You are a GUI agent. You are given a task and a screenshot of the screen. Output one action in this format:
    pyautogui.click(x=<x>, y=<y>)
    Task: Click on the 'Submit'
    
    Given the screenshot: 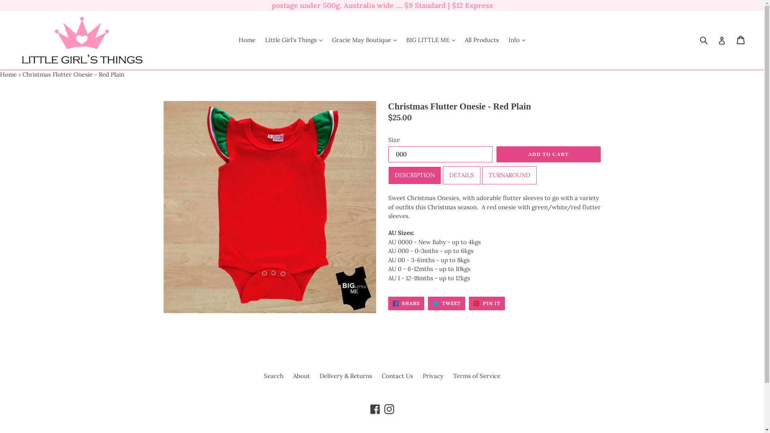 What is the action you would take?
    pyautogui.click(x=703, y=40)
    